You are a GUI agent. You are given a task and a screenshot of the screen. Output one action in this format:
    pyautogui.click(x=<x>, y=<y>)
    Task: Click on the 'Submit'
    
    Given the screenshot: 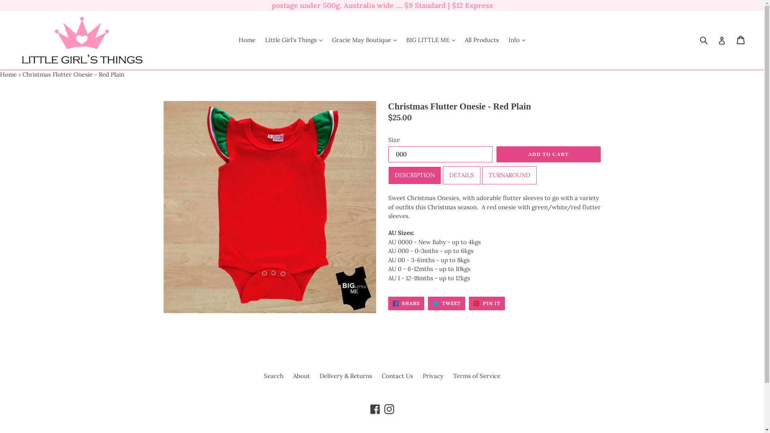 What is the action you would take?
    pyautogui.click(x=703, y=40)
    